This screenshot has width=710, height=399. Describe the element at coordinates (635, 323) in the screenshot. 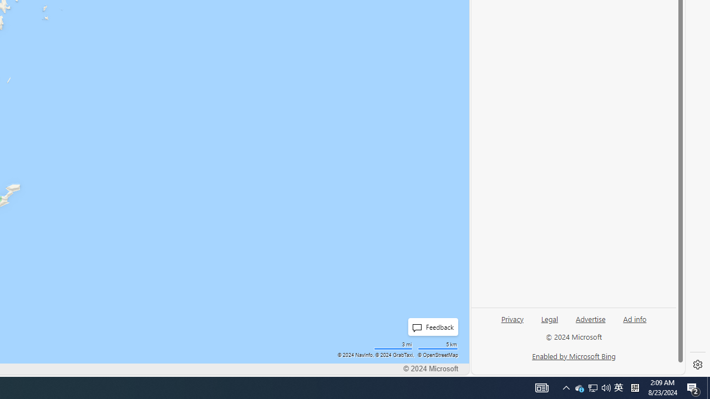

I see `'Ad info'` at that location.